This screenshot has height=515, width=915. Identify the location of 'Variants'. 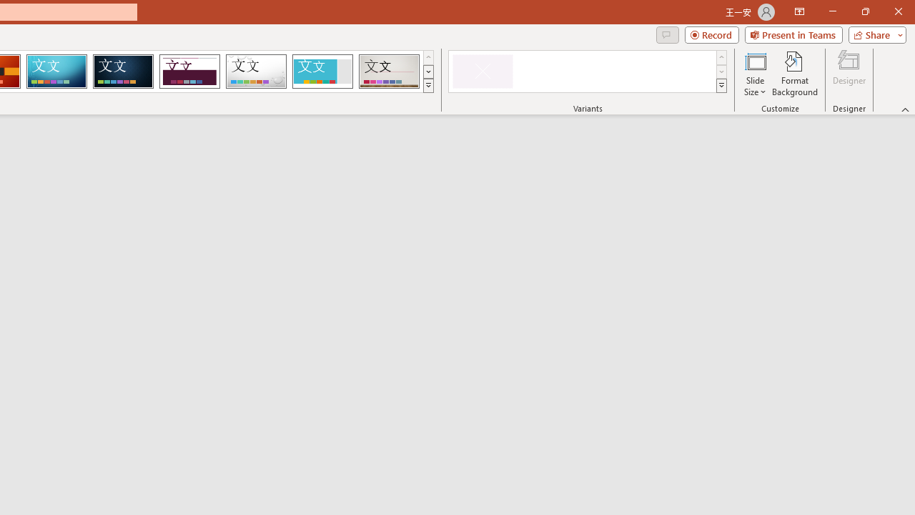
(721, 86).